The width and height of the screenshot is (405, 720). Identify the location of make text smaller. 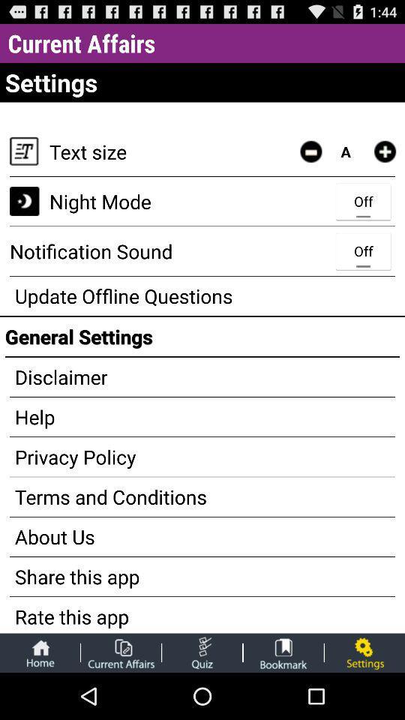
(310, 151).